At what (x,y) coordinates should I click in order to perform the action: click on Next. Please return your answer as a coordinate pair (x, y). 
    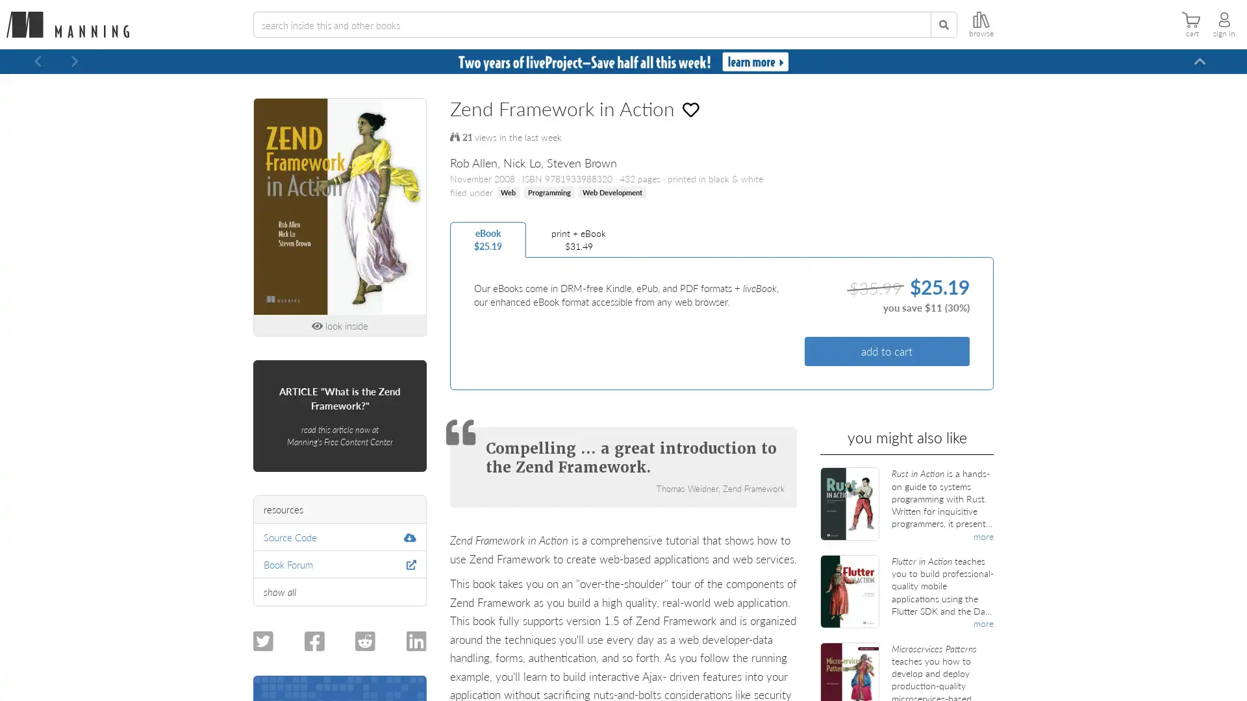
    Looking at the image, I should click on (74, 62).